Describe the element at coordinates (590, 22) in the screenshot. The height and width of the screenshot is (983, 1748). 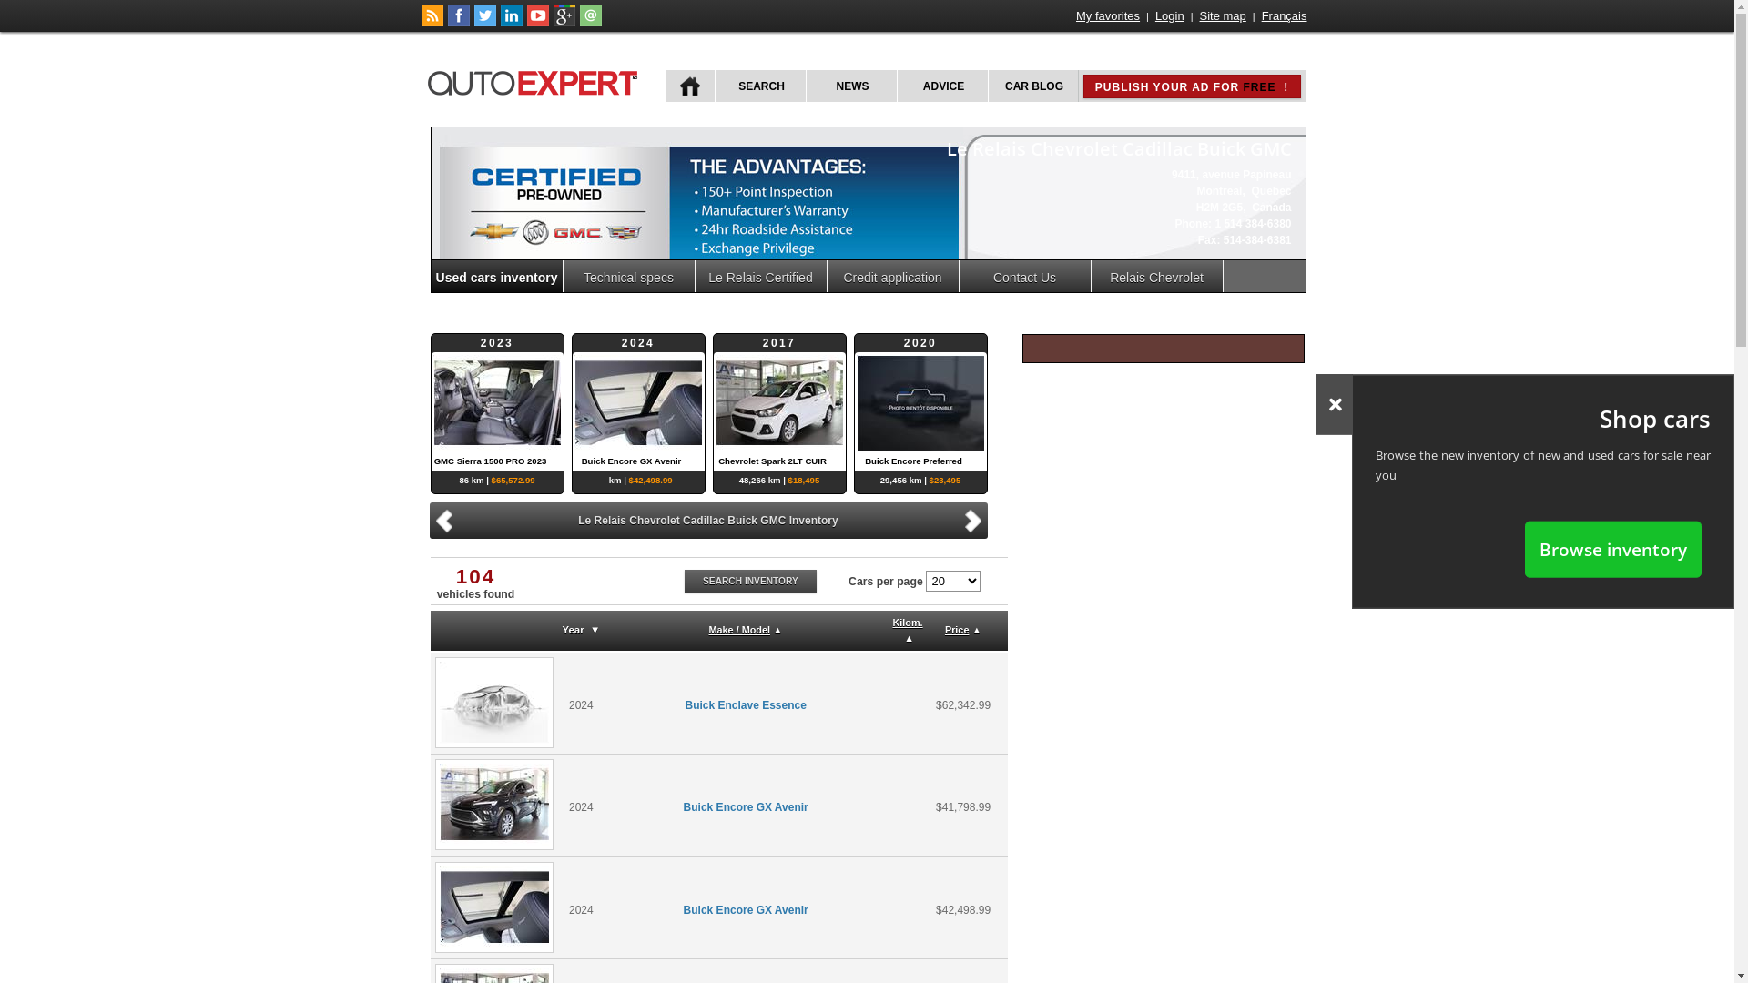
I see `'Contact autoExpert.ca'` at that location.